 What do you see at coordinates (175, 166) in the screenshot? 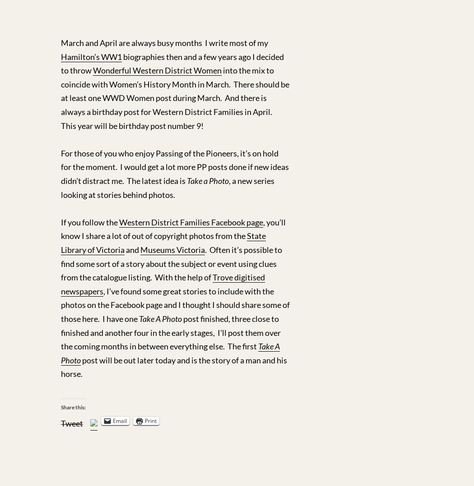
I see `'For those of you who enjoy Passing of the Pioneers, it’s on hold for the moment.  I would get a lot more PP posts done if new ideas didn’t distract me.  The latest idea is'` at bounding box center [175, 166].